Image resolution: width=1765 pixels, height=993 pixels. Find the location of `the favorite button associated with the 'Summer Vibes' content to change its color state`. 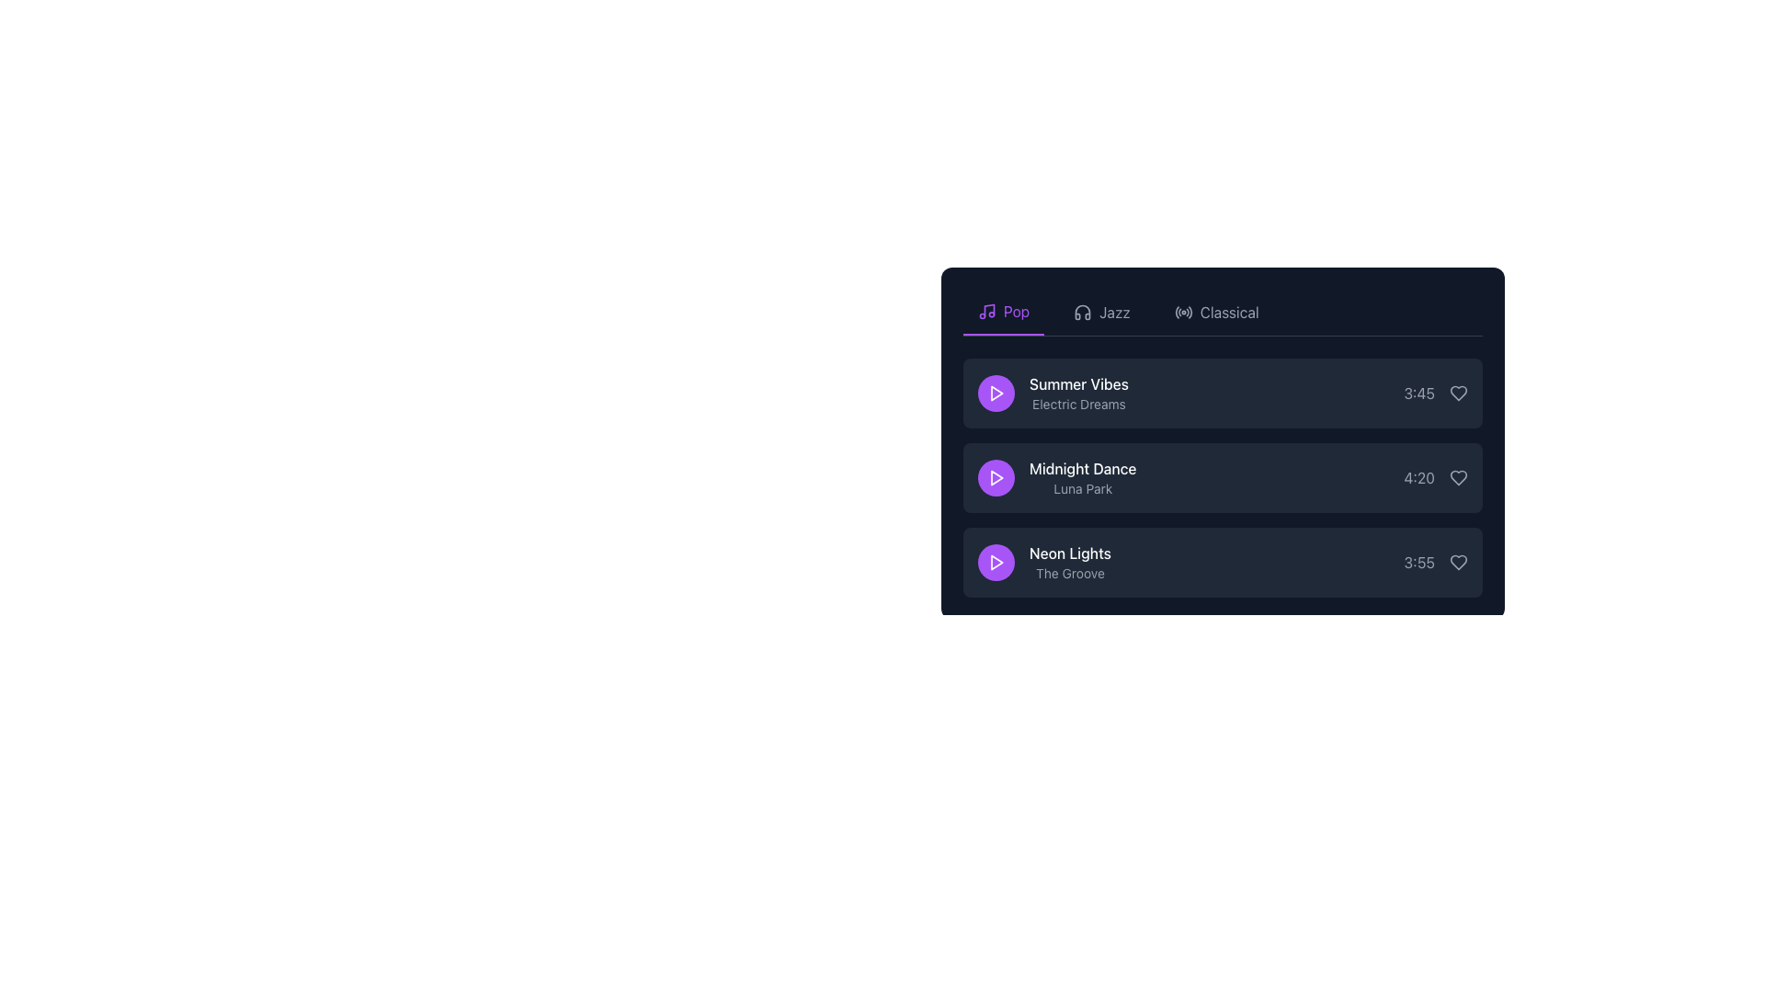

the favorite button associated with the 'Summer Vibes' content to change its color state is located at coordinates (1458, 393).